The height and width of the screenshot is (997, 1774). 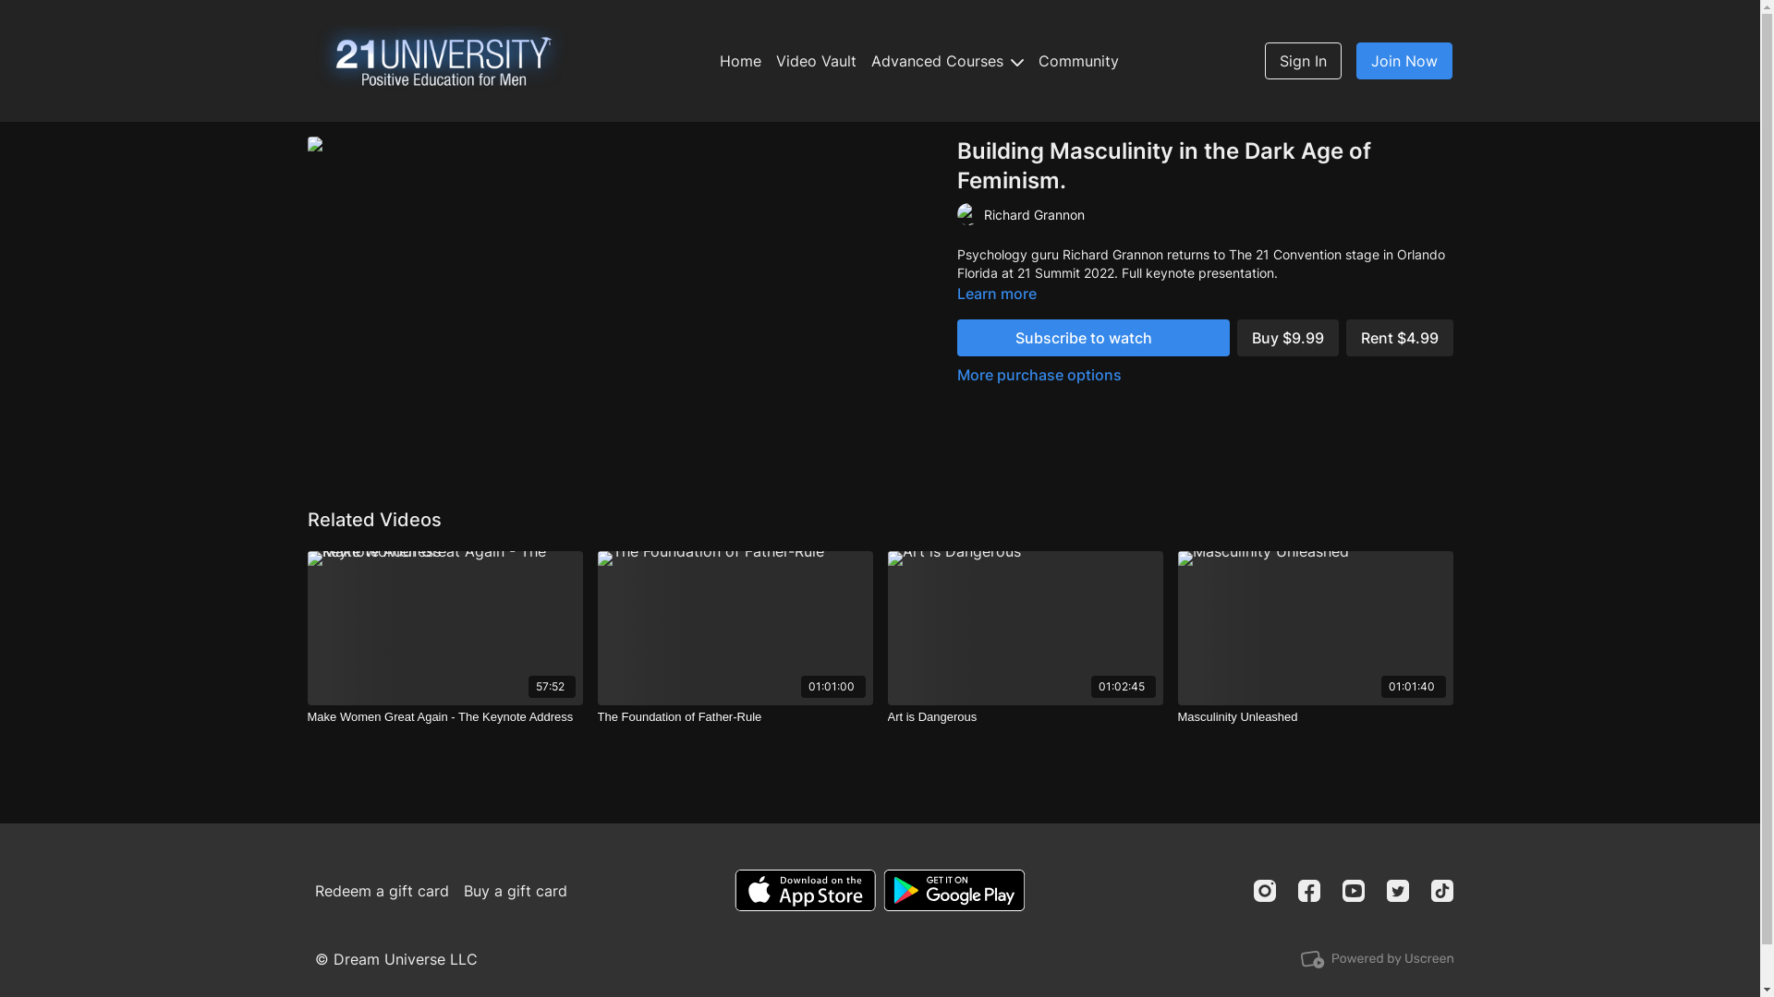 What do you see at coordinates (515, 889) in the screenshot?
I see `'Buy a gift card'` at bounding box center [515, 889].